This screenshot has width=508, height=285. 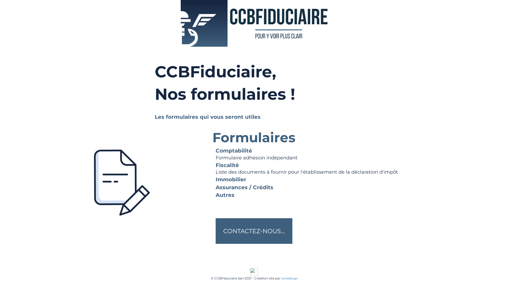 What do you see at coordinates (289, 278) in the screenshot?
I see `'taredesign'` at bounding box center [289, 278].